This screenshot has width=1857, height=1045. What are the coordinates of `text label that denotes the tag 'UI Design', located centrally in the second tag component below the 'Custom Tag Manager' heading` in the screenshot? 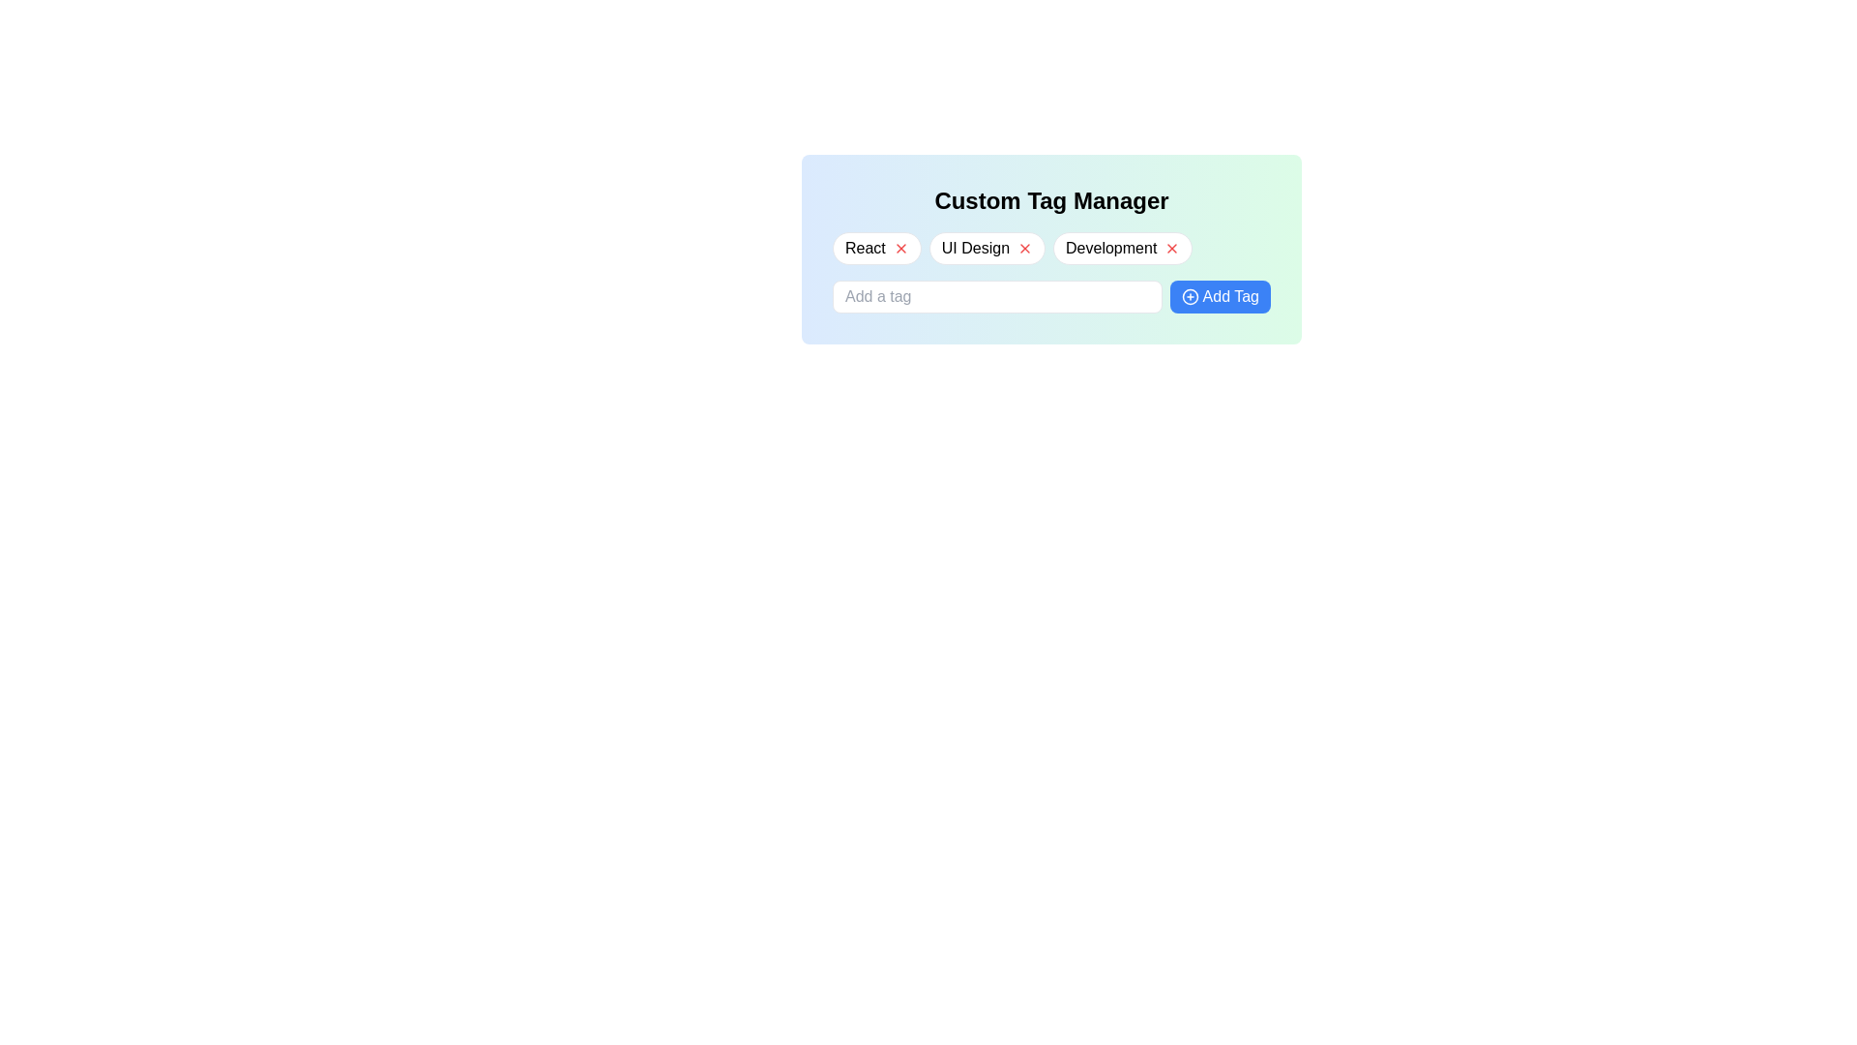 It's located at (975, 248).